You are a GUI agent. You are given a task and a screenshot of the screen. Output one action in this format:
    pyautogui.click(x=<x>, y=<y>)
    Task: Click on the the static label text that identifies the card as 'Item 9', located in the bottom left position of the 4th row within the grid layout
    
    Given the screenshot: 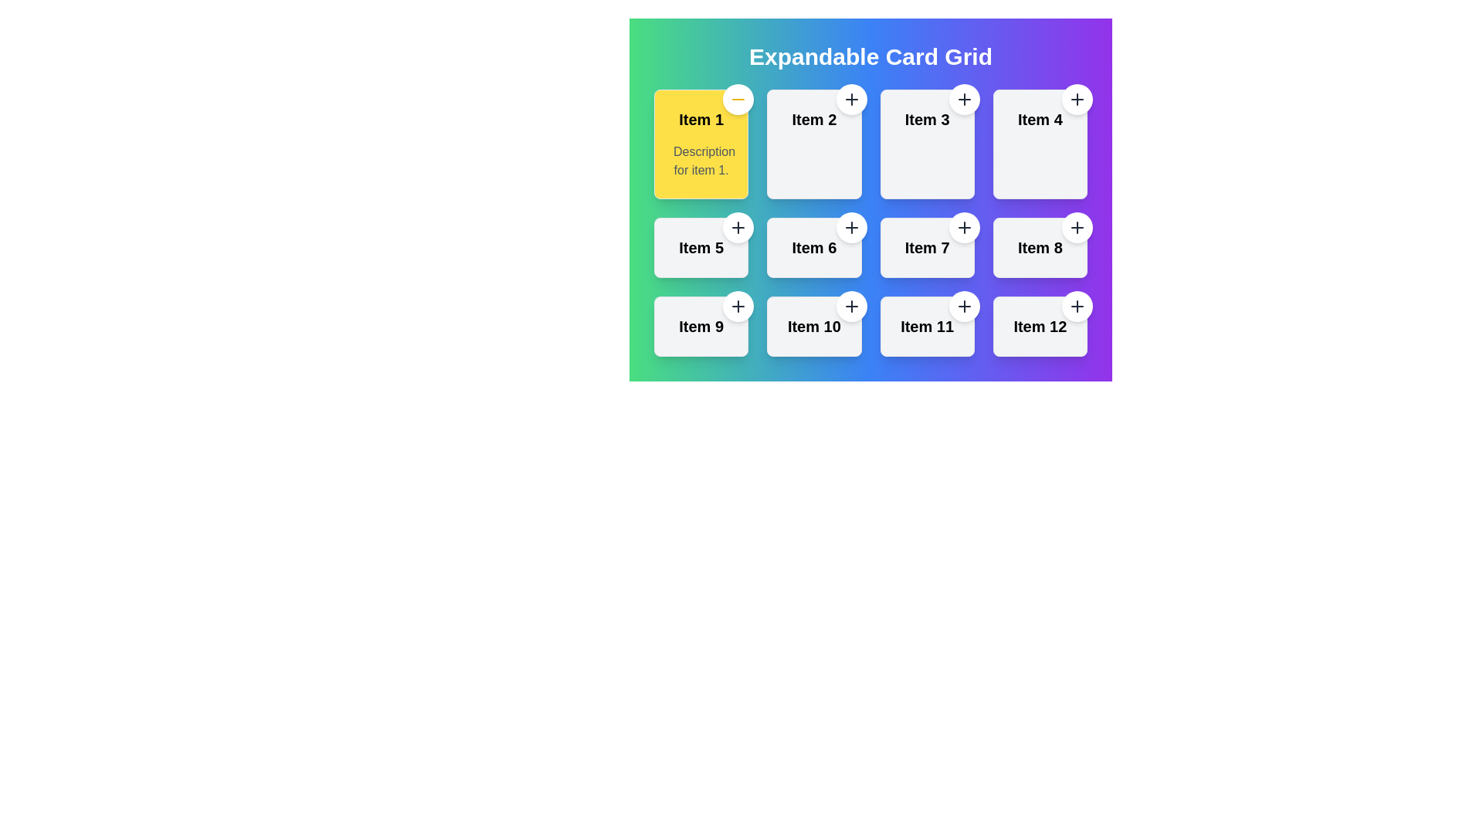 What is the action you would take?
    pyautogui.click(x=701, y=326)
    